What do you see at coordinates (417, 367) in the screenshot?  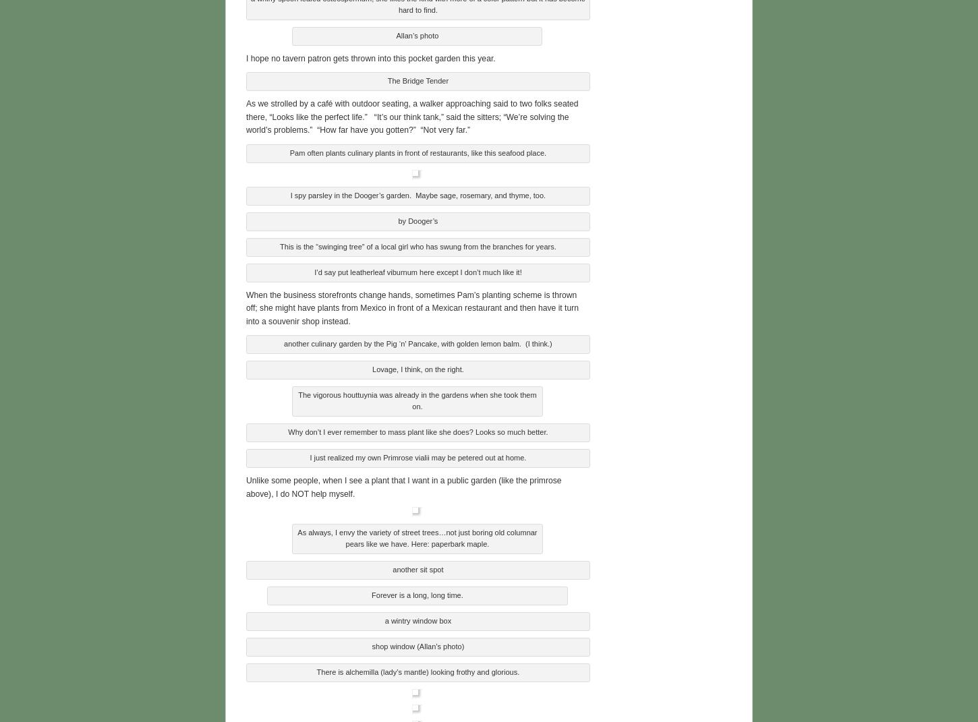 I see `'Lovage, I think, on the right.'` at bounding box center [417, 367].